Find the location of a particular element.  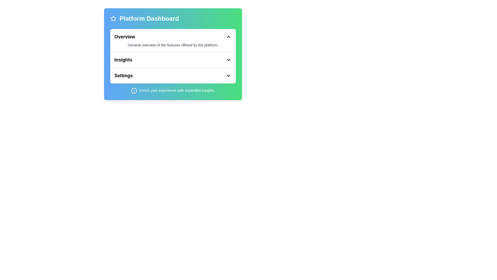

the decorative icon located to the left of the 'Platform Dashboard' text heading in the header area of the dashboard is located at coordinates (113, 18).